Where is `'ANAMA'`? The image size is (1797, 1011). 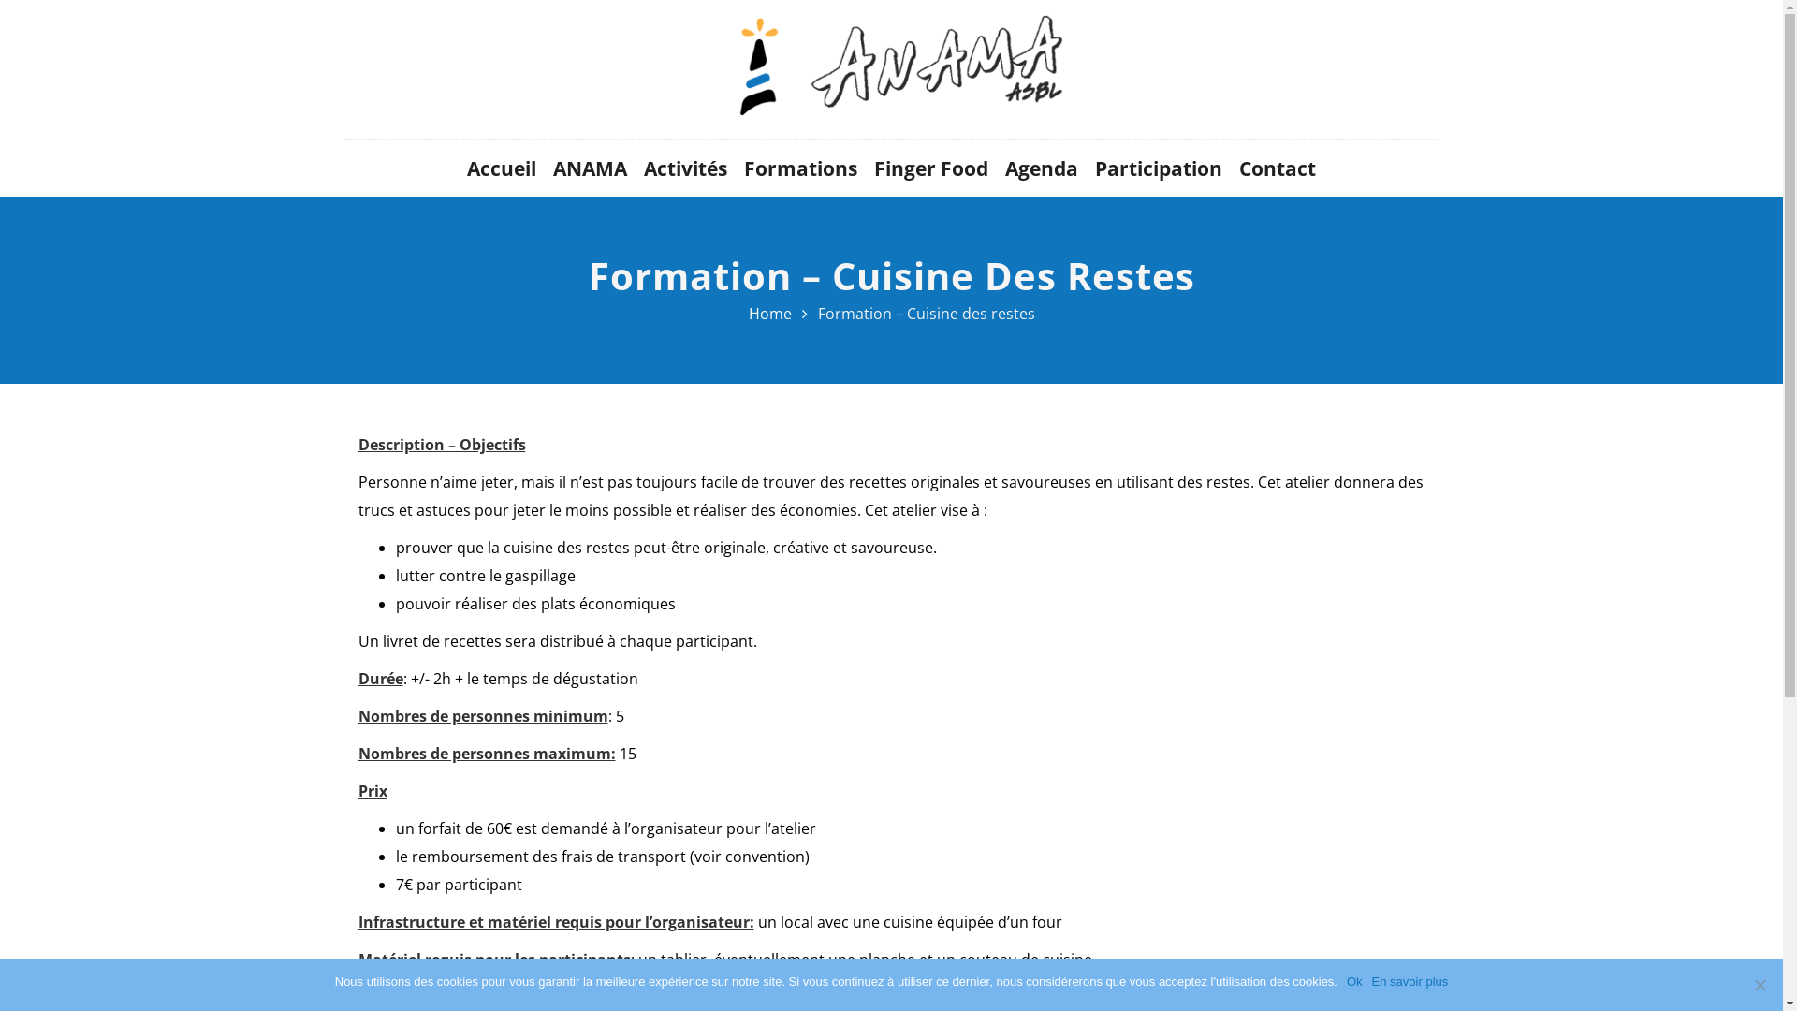 'ANAMA' is located at coordinates (589, 168).